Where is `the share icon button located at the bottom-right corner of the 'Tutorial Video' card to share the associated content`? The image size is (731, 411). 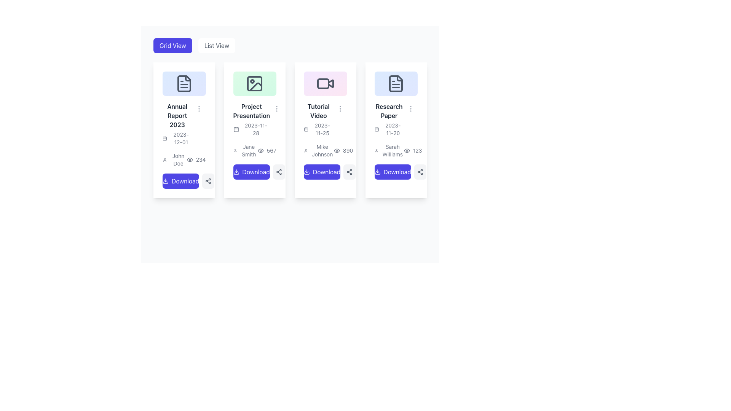
the share icon button located at the bottom-right corner of the 'Tutorial Video' card to share the associated content is located at coordinates (349, 172).